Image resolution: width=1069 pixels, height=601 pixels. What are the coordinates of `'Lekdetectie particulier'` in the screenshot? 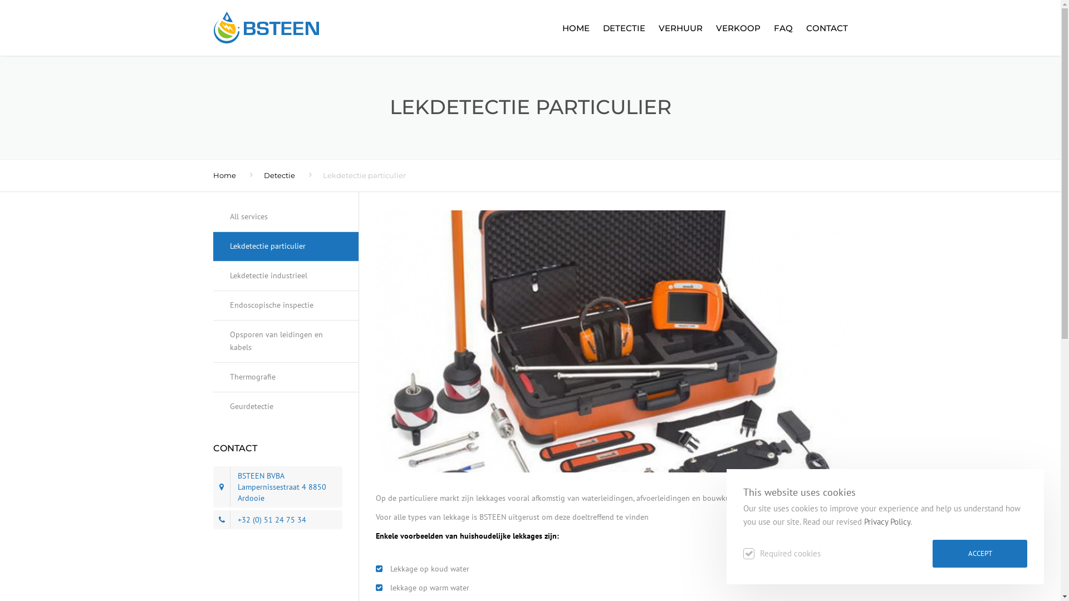 It's located at (286, 246).